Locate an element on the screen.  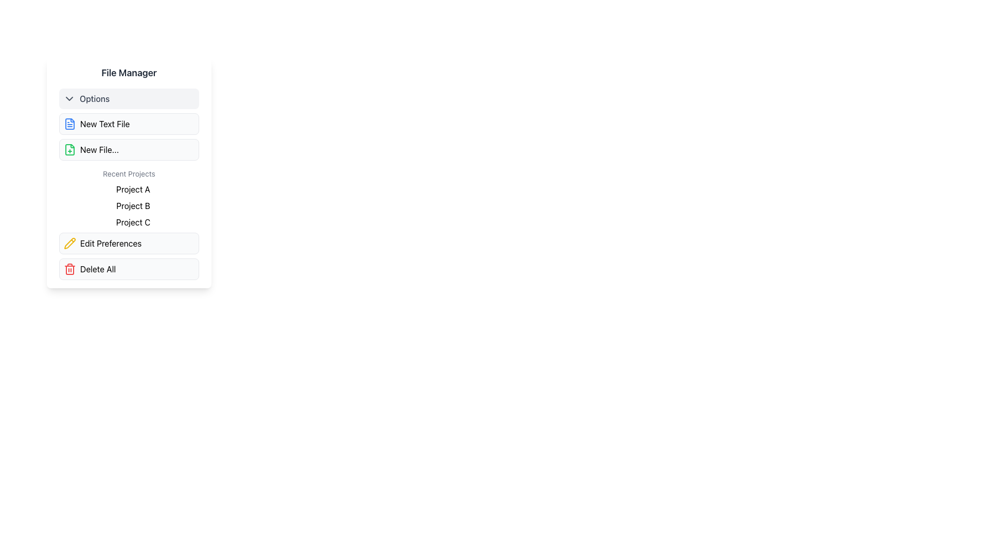
the red trash can icon that represents a delete action, positioned near the left side of the 'Delete All' button is located at coordinates (69, 269).